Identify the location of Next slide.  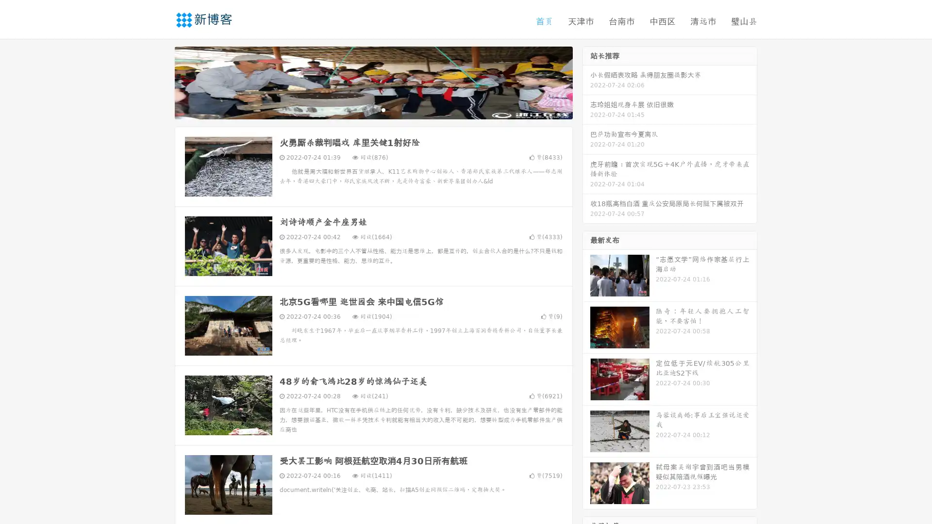
(586, 82).